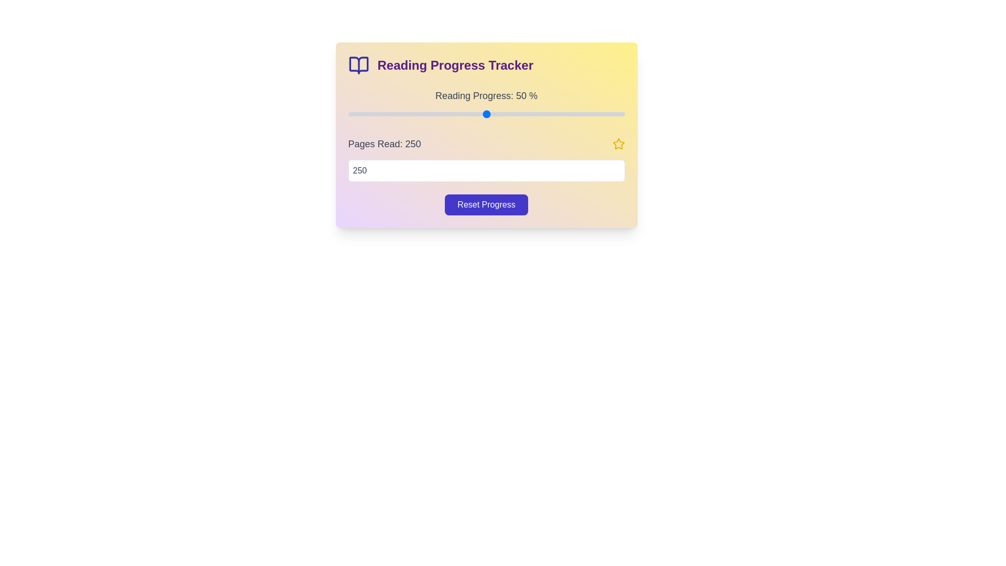  Describe the element at coordinates (599, 114) in the screenshot. I see `the reading progress to 91% by adjusting the slider` at that location.